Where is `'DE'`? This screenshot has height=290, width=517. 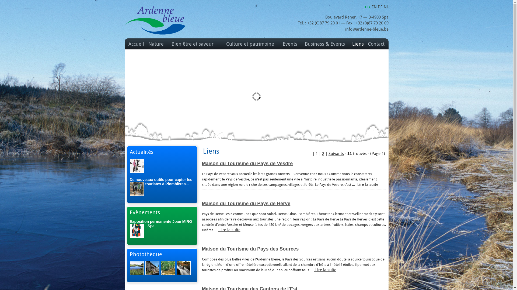 'DE' is located at coordinates (380, 7).